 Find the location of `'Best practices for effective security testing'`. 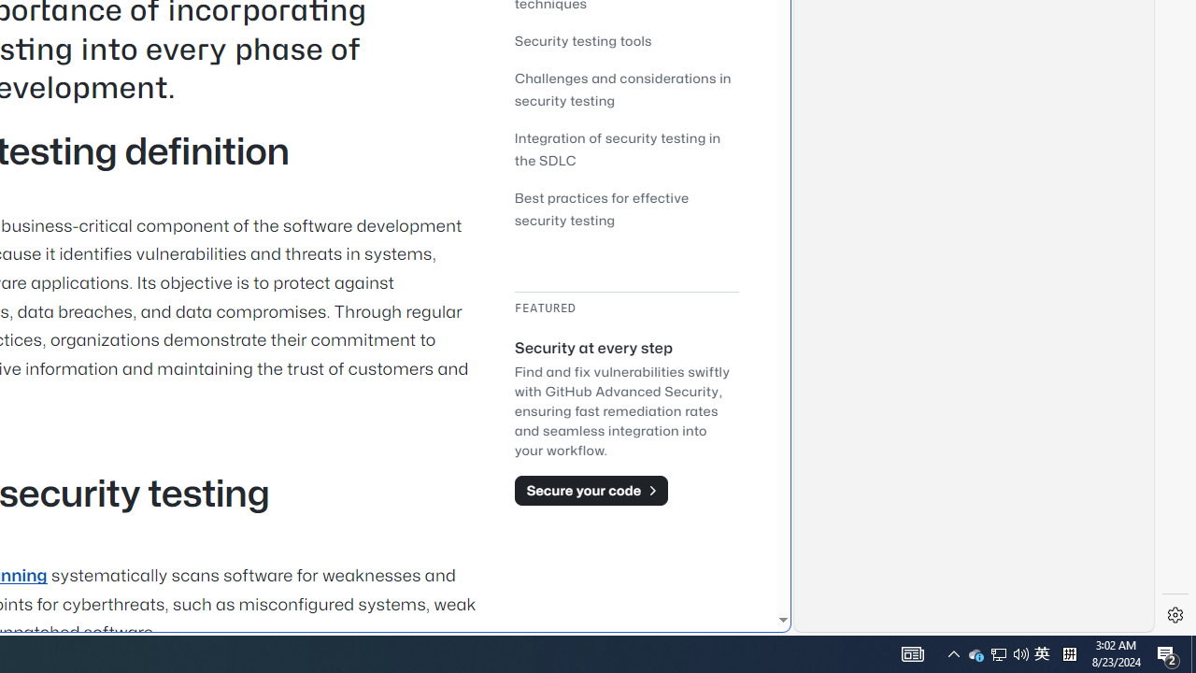

'Best practices for effective security testing' is located at coordinates (626, 208).